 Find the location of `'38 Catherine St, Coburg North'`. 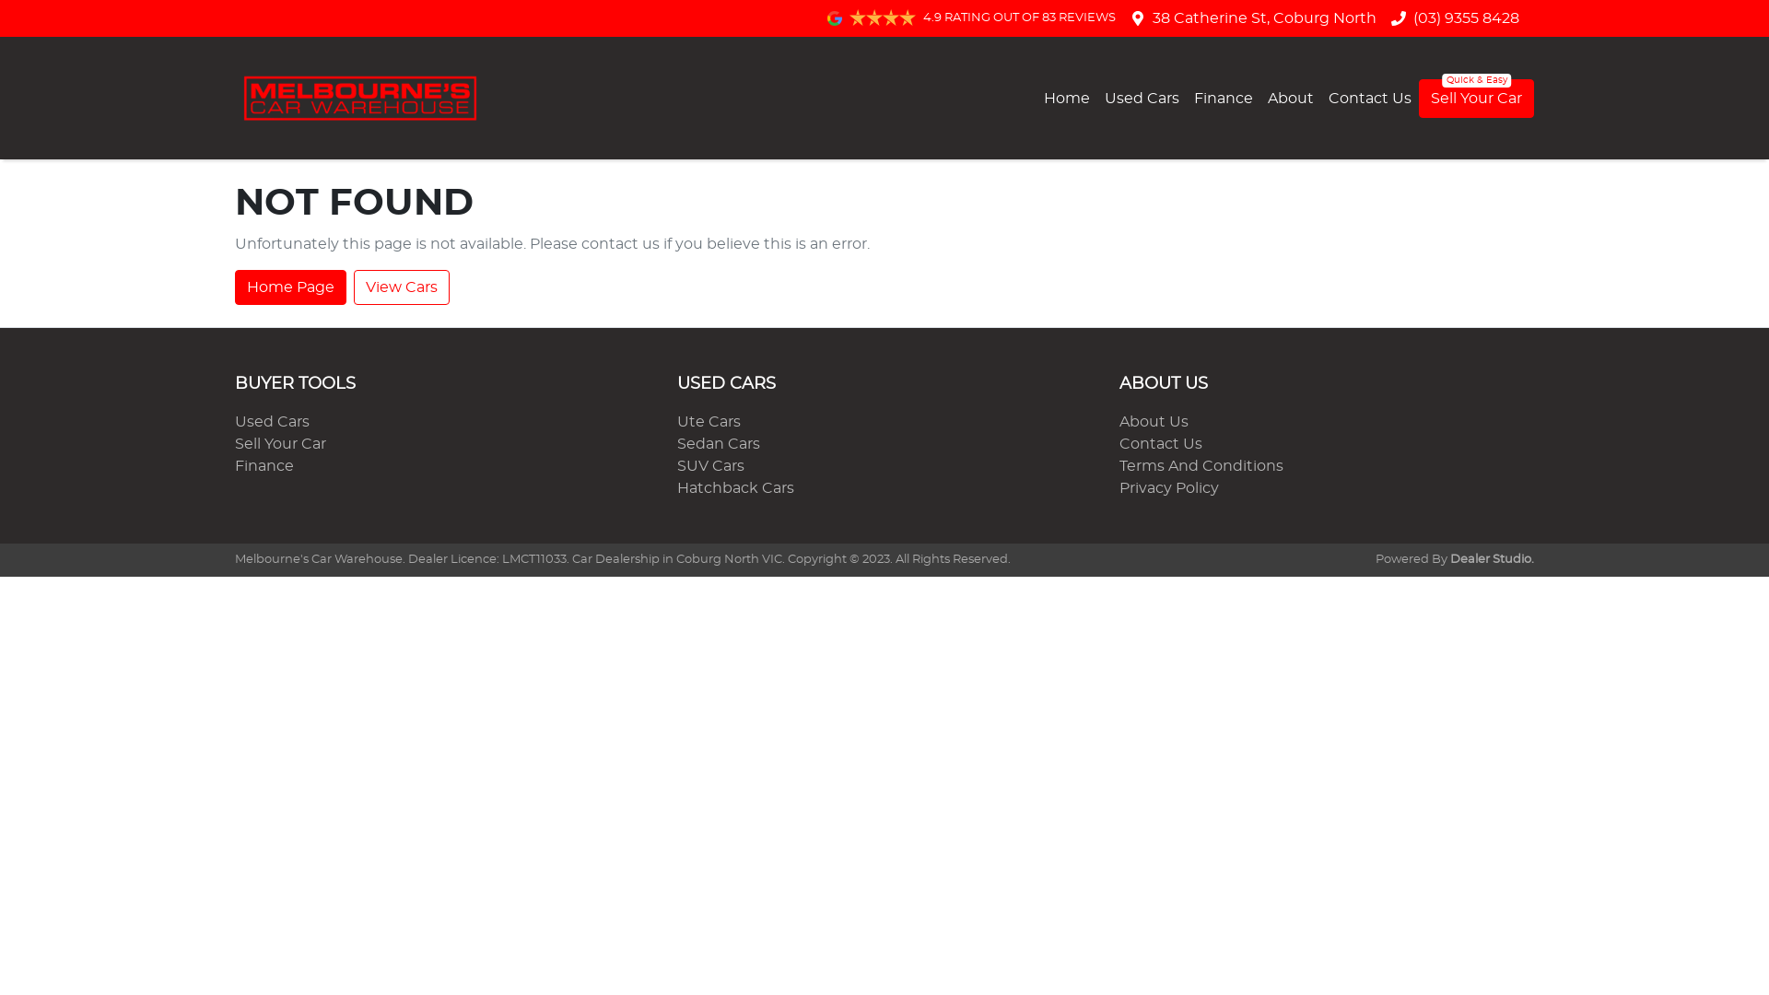

'38 Catherine St, Coburg North' is located at coordinates (1263, 18).